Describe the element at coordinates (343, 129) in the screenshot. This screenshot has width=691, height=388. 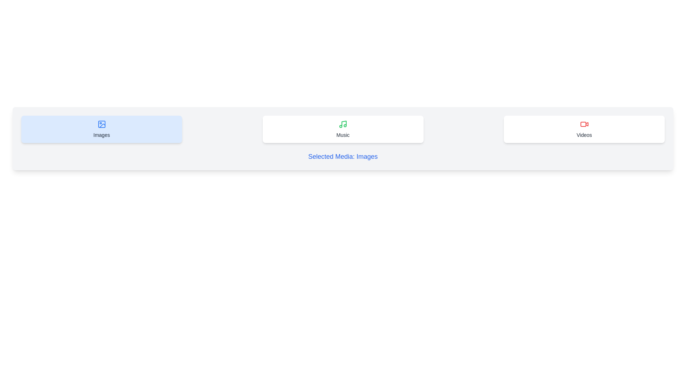
I see `the Music button to observe its hover effect` at that location.